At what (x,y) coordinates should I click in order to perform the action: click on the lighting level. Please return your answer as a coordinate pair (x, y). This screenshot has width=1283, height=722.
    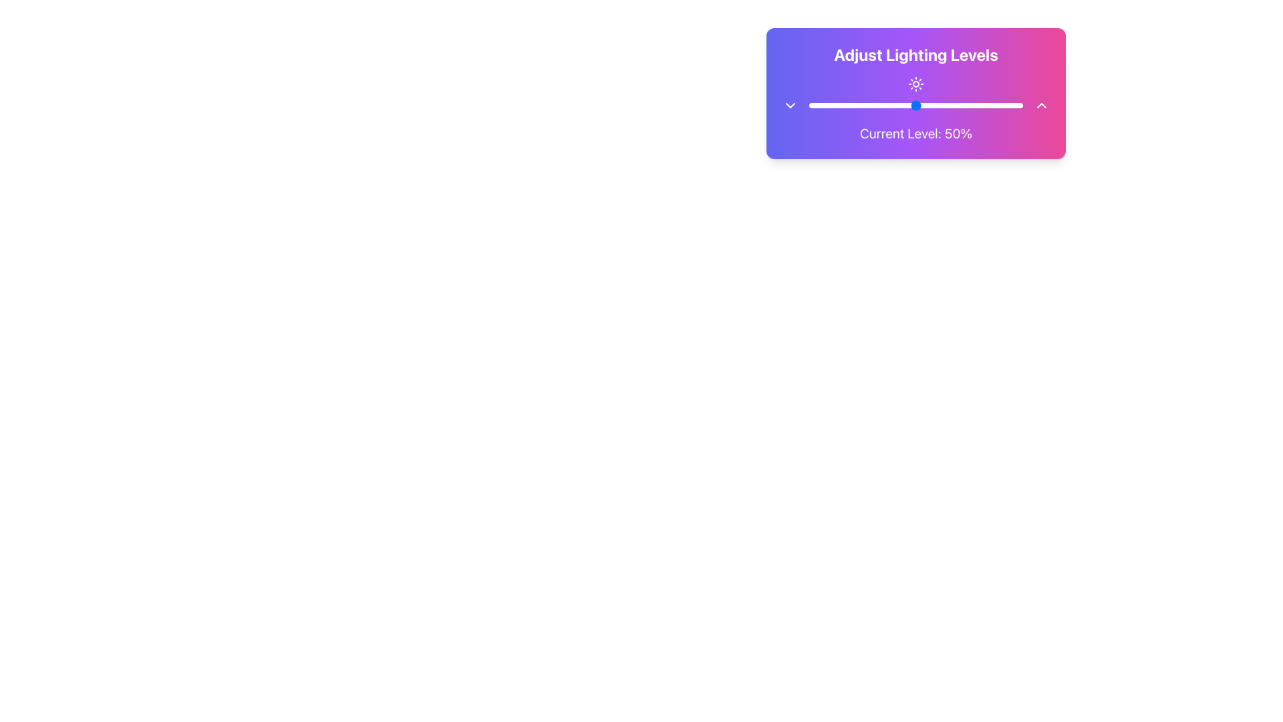
    Looking at the image, I should click on (851, 105).